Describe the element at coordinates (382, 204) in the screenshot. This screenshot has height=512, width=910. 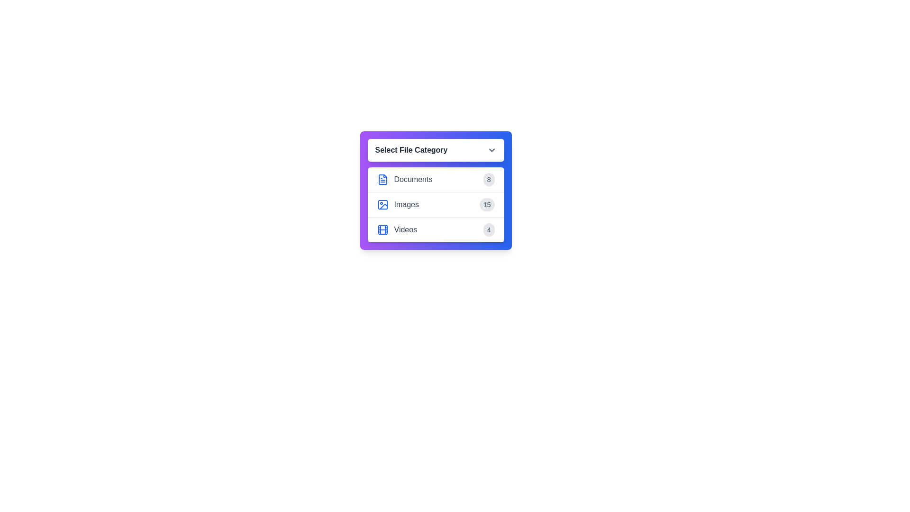
I see `the 'Images' category icon located to the left of the text 'Images' in the second entry of the dropdown menu` at that location.